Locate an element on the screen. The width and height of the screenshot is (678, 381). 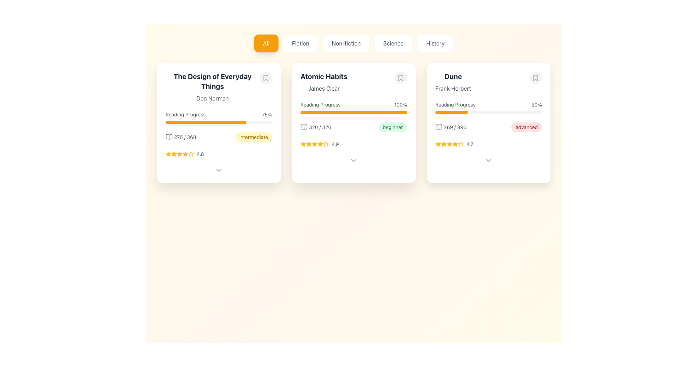
the first star icon in the rating display for the 'Dune' card, which is a small, bright yellow star shape used for ratings is located at coordinates (438, 144).